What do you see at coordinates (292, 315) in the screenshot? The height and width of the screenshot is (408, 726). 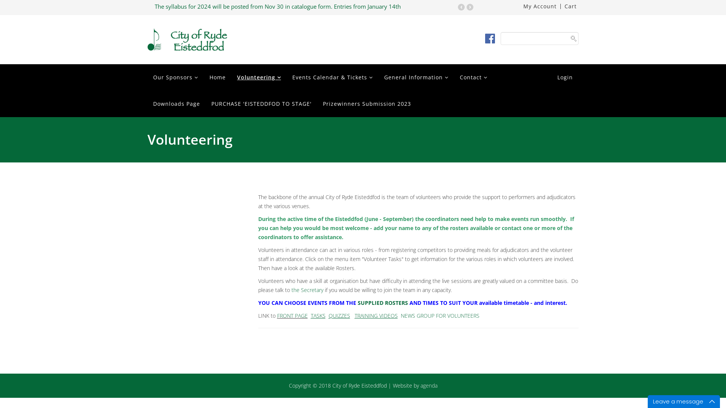 I see `'FRONT PAGE'` at bounding box center [292, 315].